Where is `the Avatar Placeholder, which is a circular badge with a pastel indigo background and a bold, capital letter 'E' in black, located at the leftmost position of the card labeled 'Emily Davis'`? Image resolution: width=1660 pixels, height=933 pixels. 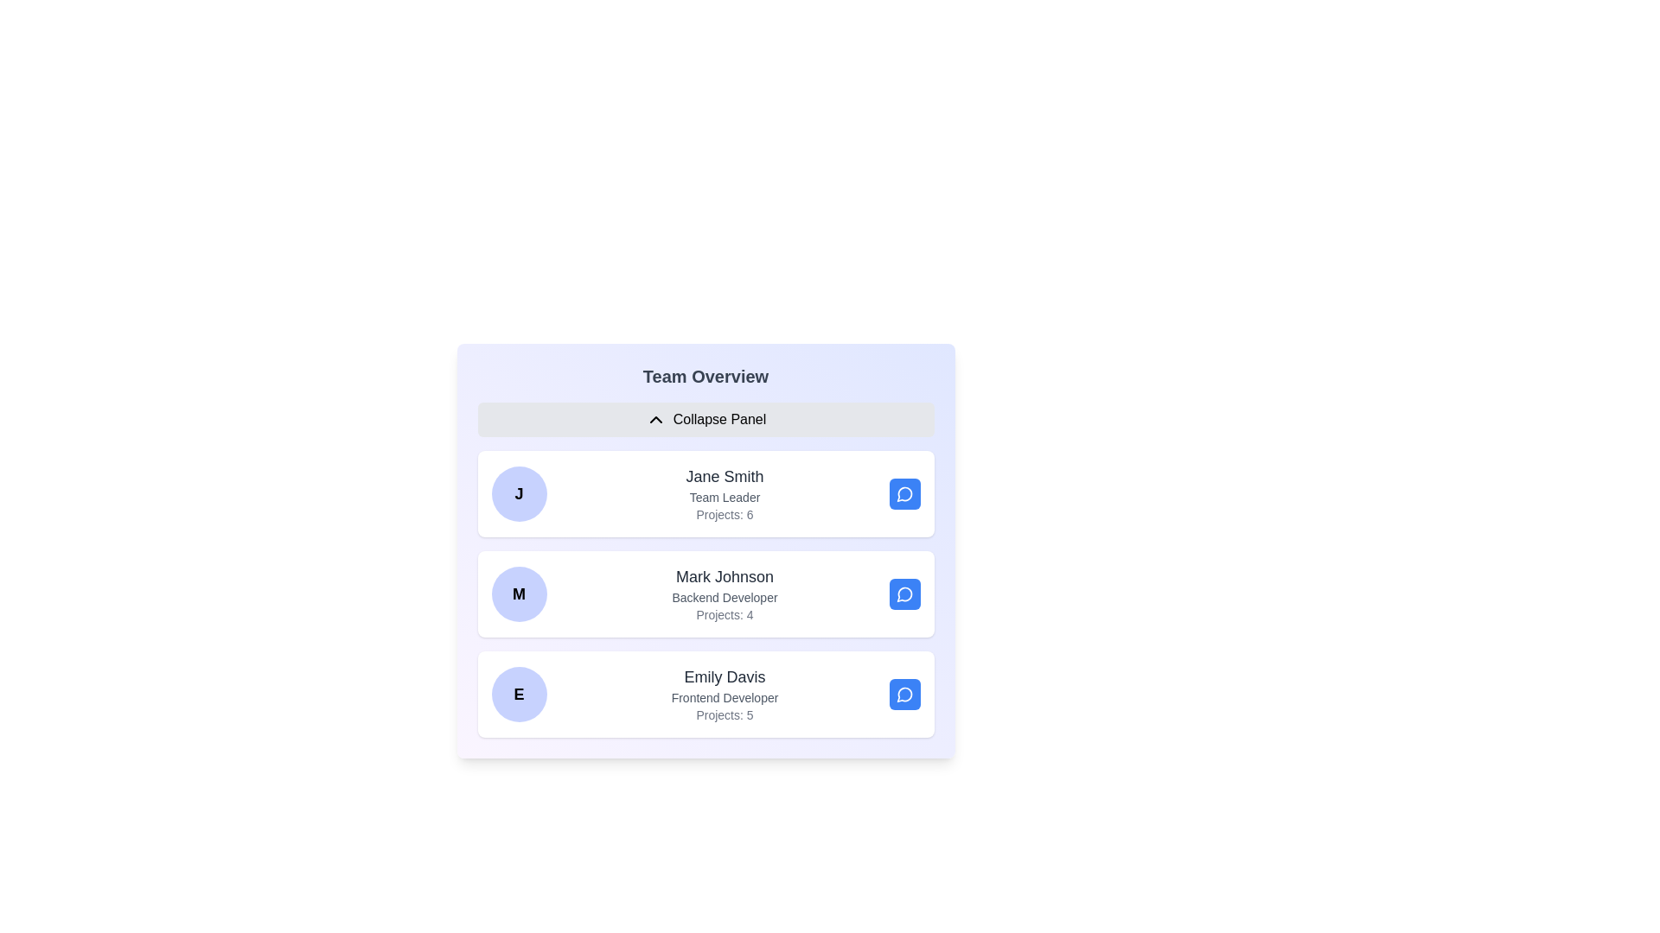
the Avatar Placeholder, which is a circular badge with a pastel indigo background and a bold, capital letter 'E' in black, located at the leftmost position of the card labeled 'Emily Davis' is located at coordinates (518, 693).